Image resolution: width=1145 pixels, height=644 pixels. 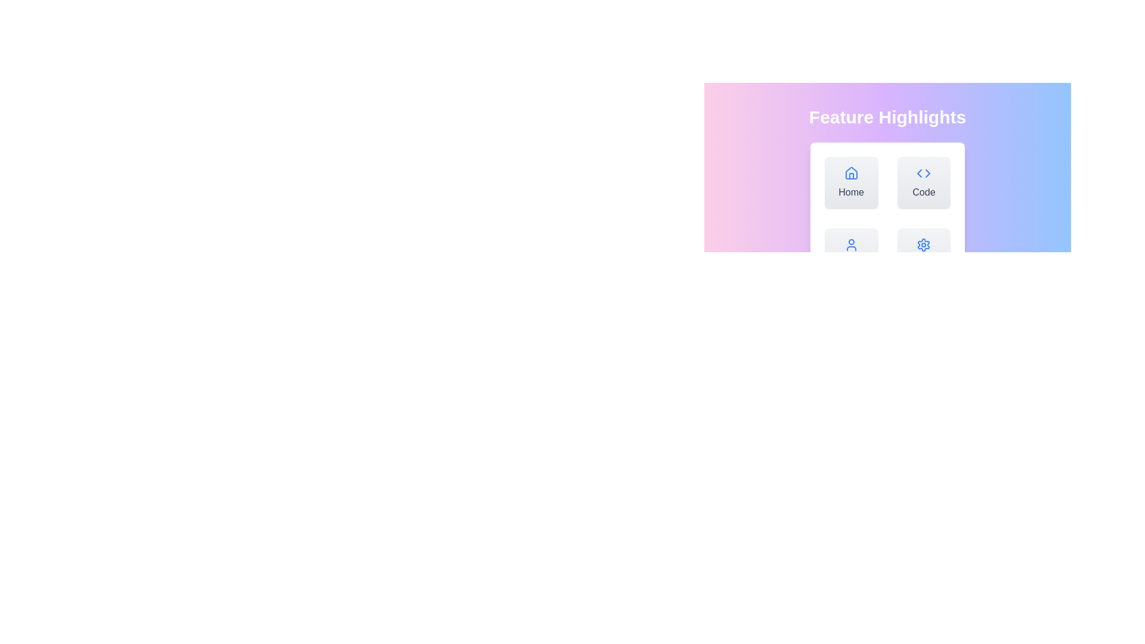 I want to click on the left arrow icon with a blue outline within the 'Code' button located in the top-right quadrant of the interface, so click(x=919, y=173).